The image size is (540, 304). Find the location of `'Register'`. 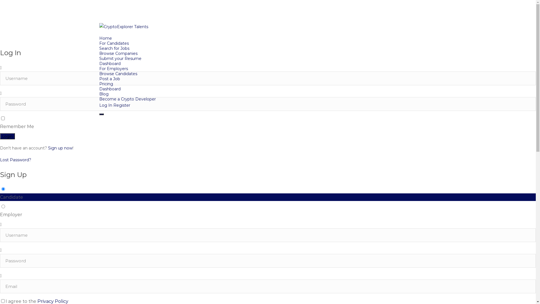

'Register' is located at coordinates (121, 105).